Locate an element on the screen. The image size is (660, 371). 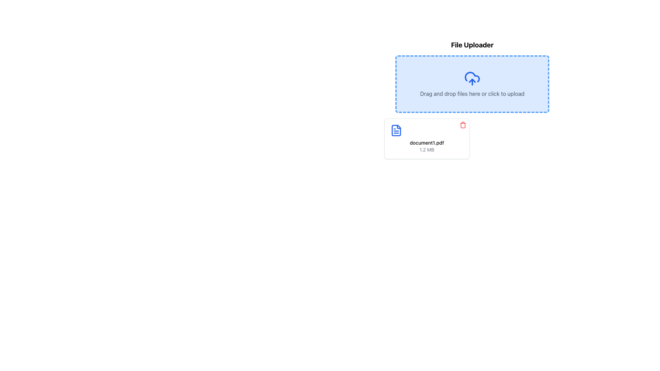
the Interactive drop zone with a dashed blue border and light blue background that contains the text 'Drag and drop files here or click to upload.' is located at coordinates (472, 84).